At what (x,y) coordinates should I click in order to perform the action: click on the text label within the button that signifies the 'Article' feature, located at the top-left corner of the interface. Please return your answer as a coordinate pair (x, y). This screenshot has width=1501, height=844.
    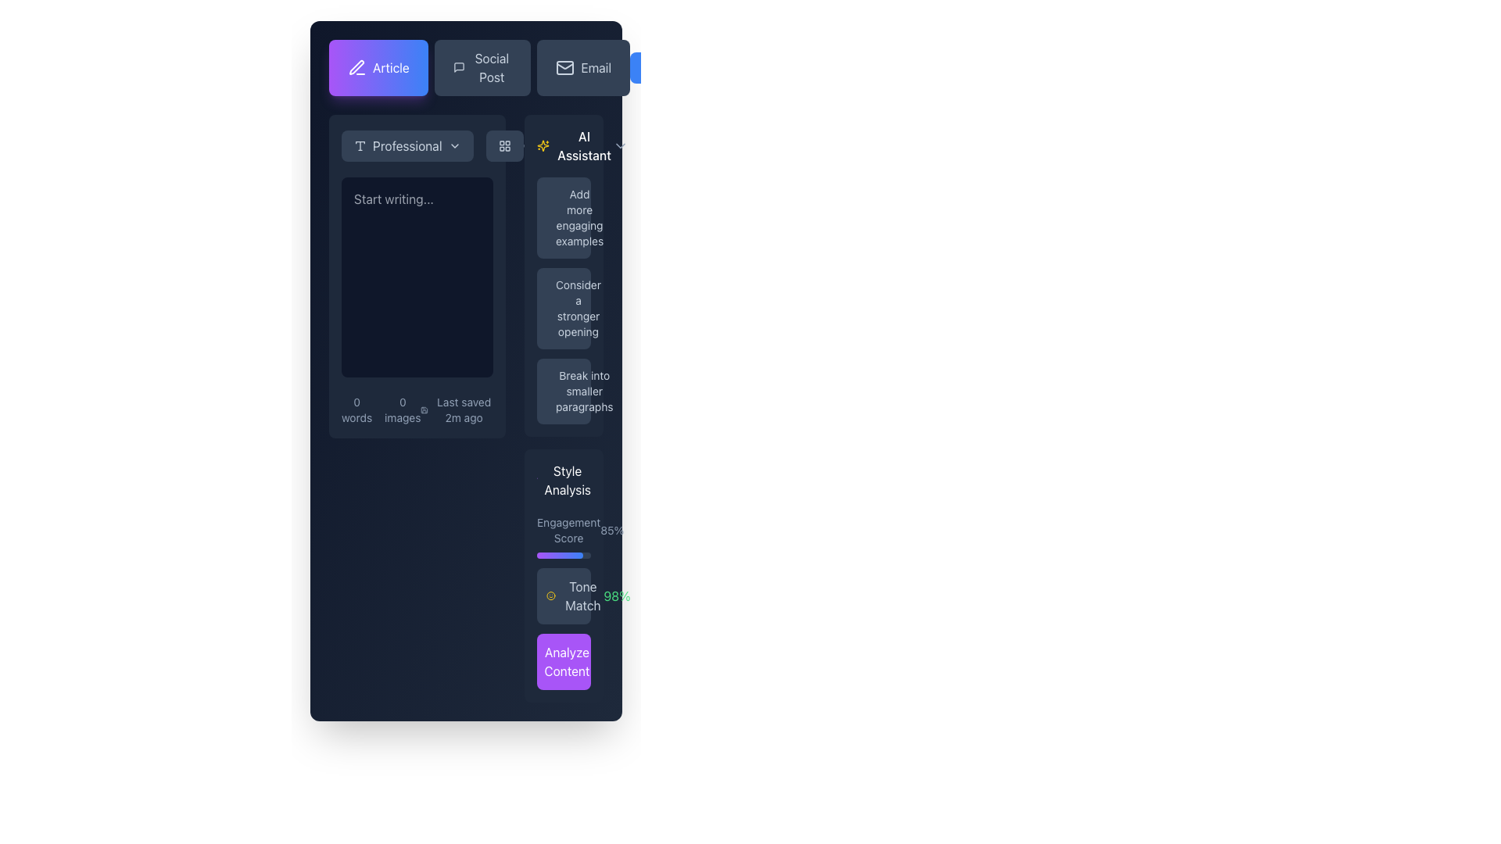
    Looking at the image, I should click on (391, 67).